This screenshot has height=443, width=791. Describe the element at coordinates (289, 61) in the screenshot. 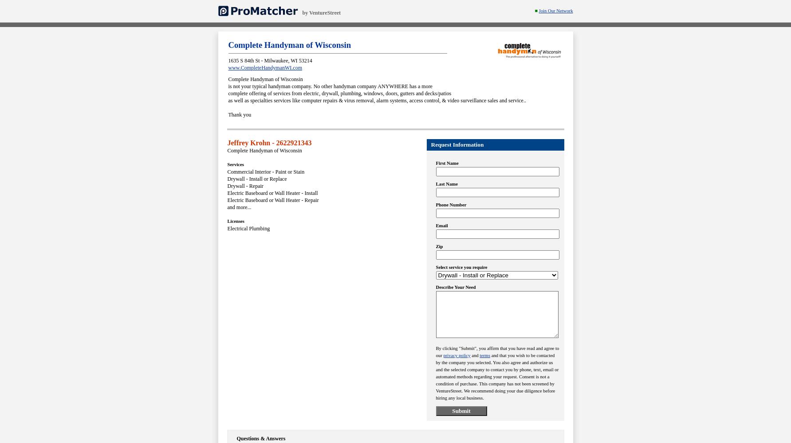

I see `','` at that location.